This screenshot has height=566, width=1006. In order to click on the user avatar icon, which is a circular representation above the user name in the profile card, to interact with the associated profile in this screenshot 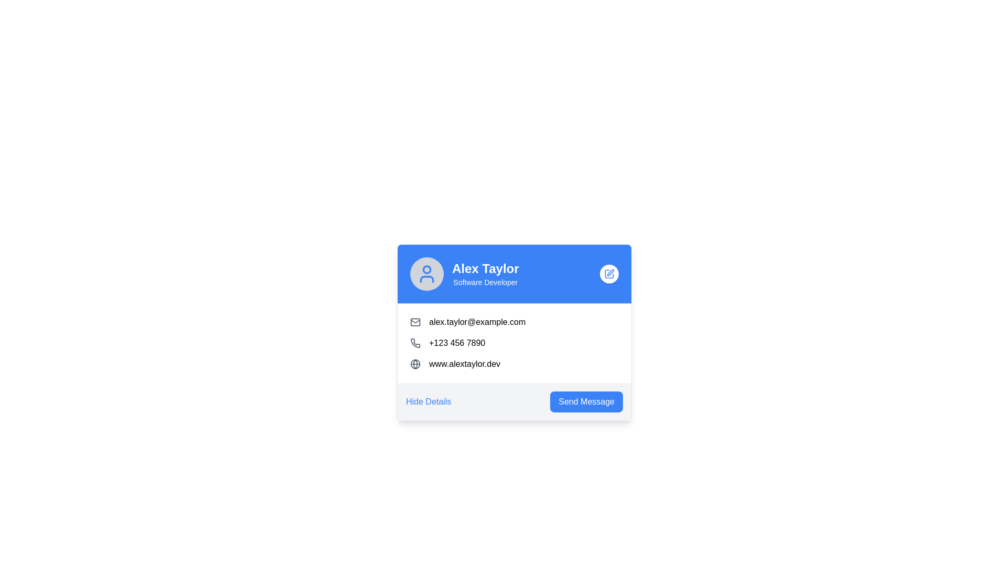, I will do `click(427, 274)`.